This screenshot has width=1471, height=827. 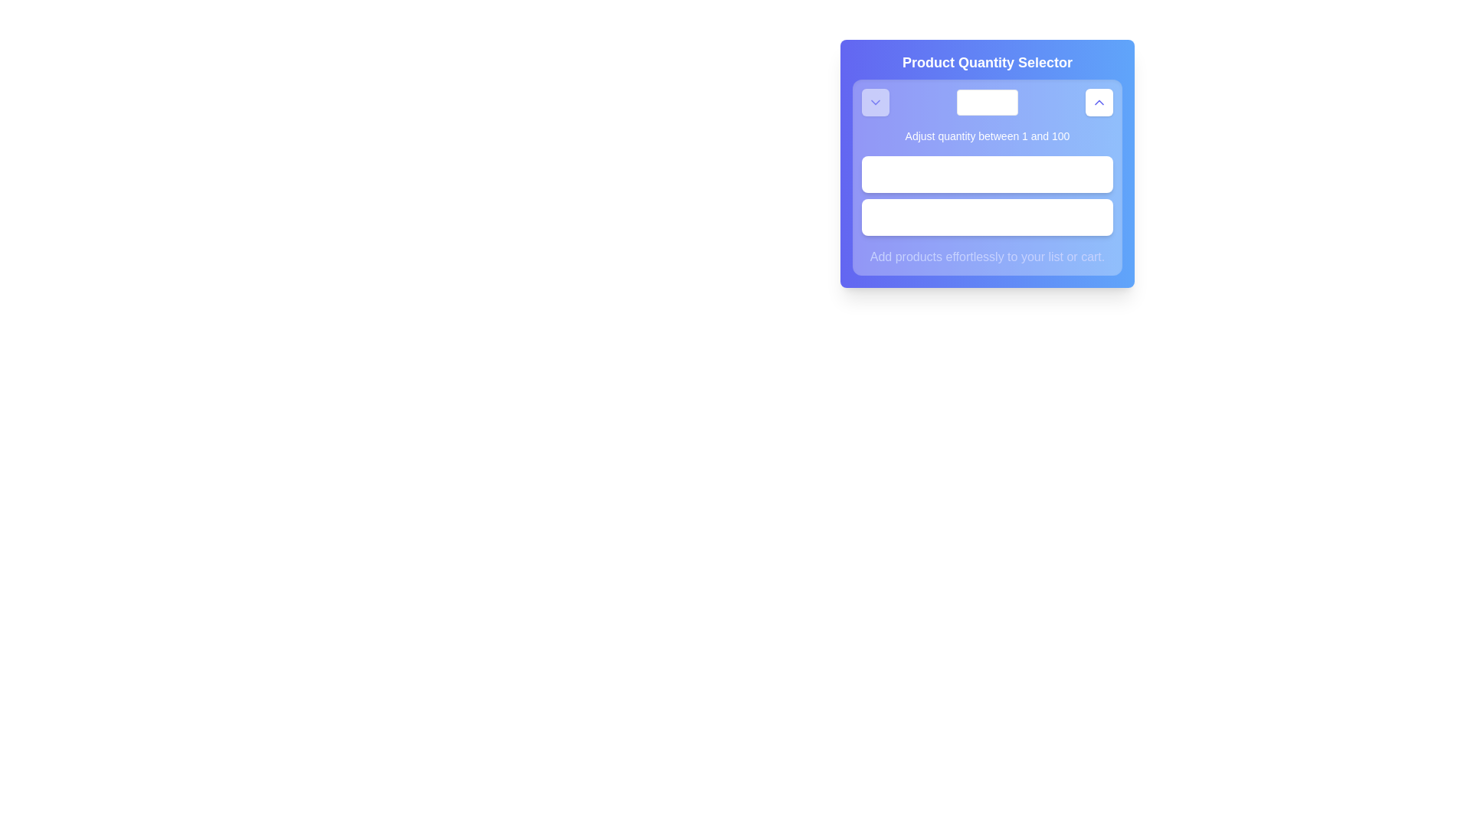 What do you see at coordinates (1099, 103) in the screenshot?
I see `the button with an icon that increases the quantity in the adjacent numeric input field for a custom behavior` at bounding box center [1099, 103].